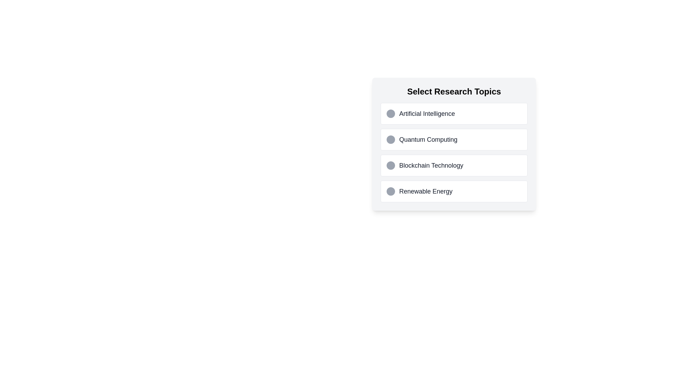 The height and width of the screenshot is (378, 673). I want to click on the fourth selectable option labeled 'Renewable Energy' in the vertically stacked list for additional information, so click(420, 191).